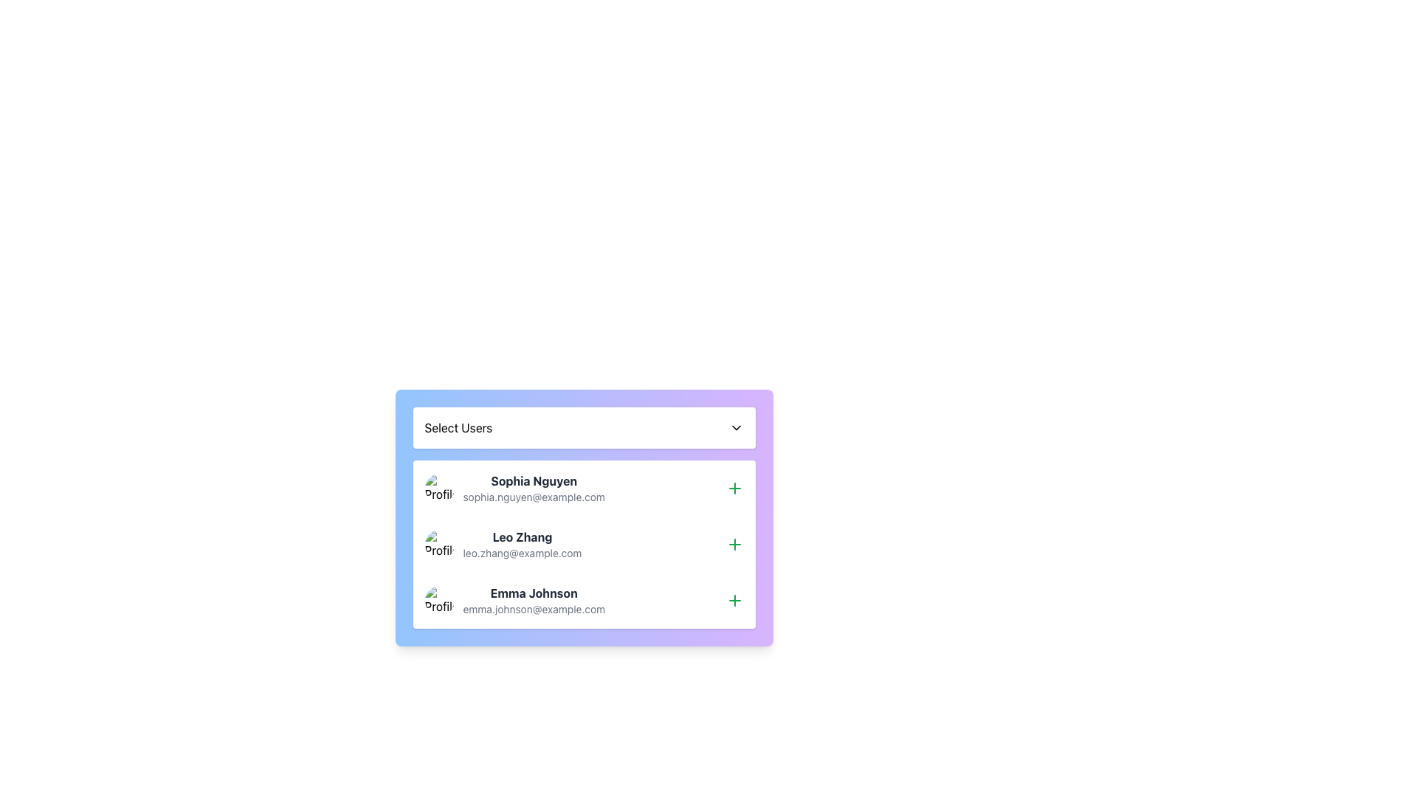  I want to click on the text block that displays the user's name and email address, which is the third user entry in the list, located below 'Sophia Nguyen' and 'Leo Zhang', and aligned to the right of a circular avatar image, so click(533, 600).